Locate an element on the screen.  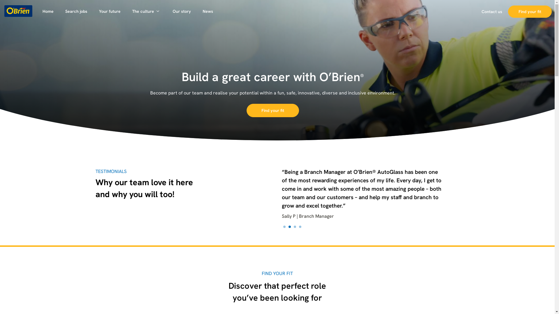
'3' is located at coordinates (295, 226).